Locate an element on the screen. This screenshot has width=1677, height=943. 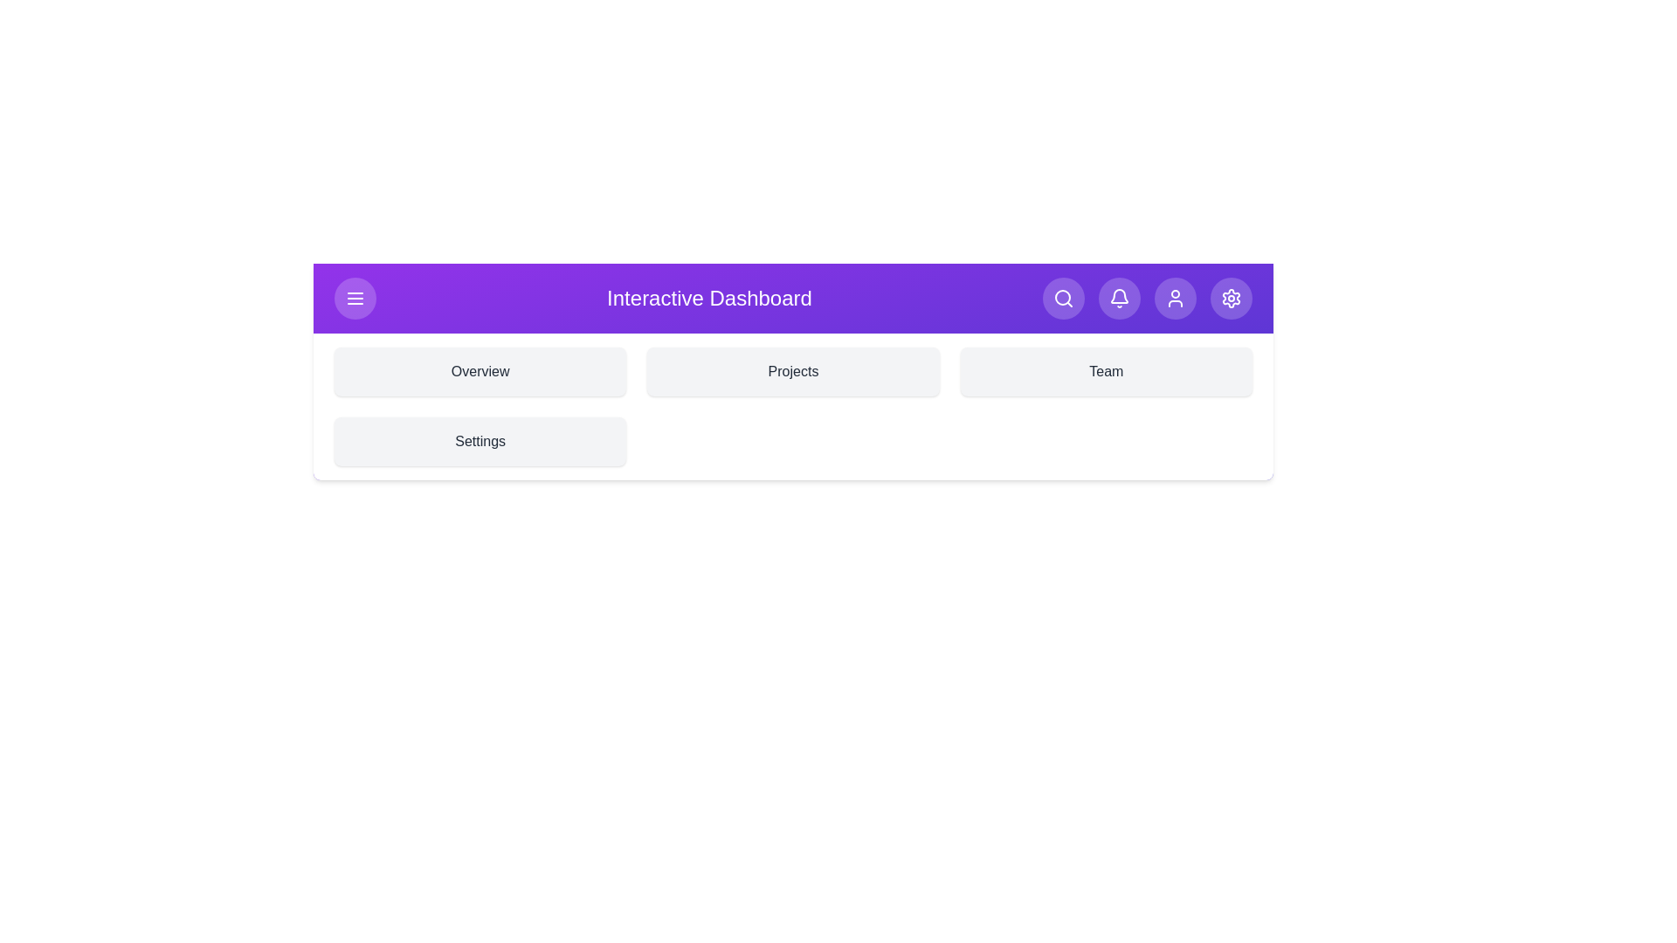
the menu button to toggle the visibility of the menu is located at coordinates (355, 298).